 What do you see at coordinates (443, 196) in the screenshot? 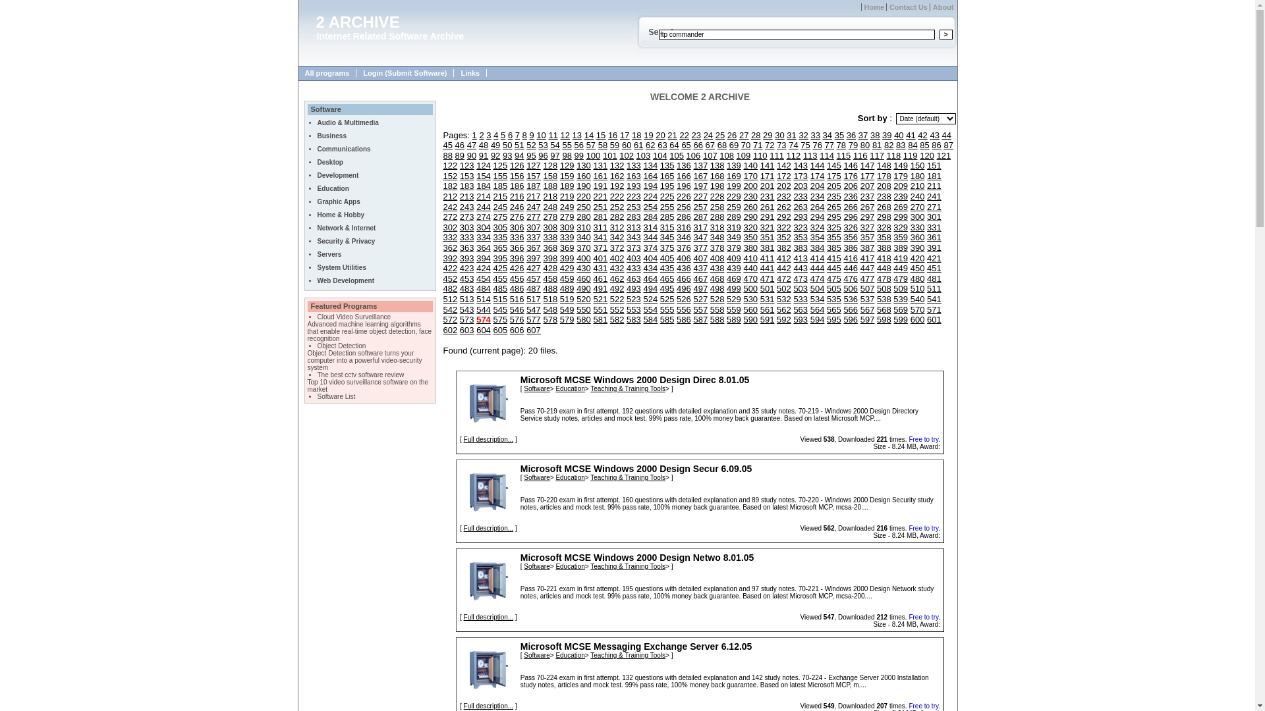
I see `'212'` at bounding box center [443, 196].